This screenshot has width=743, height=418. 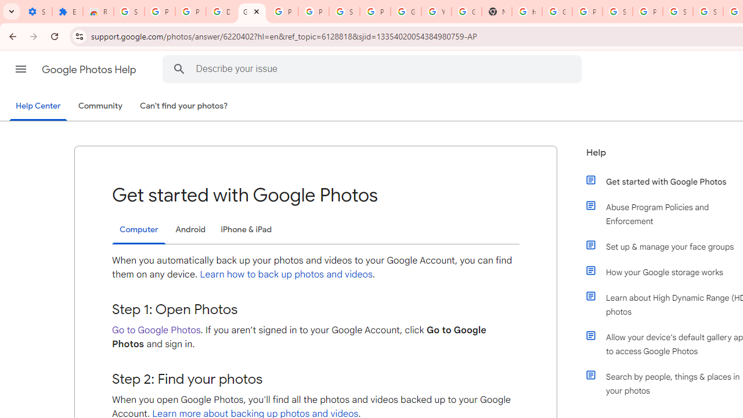 I want to click on 'Can', so click(x=183, y=106).